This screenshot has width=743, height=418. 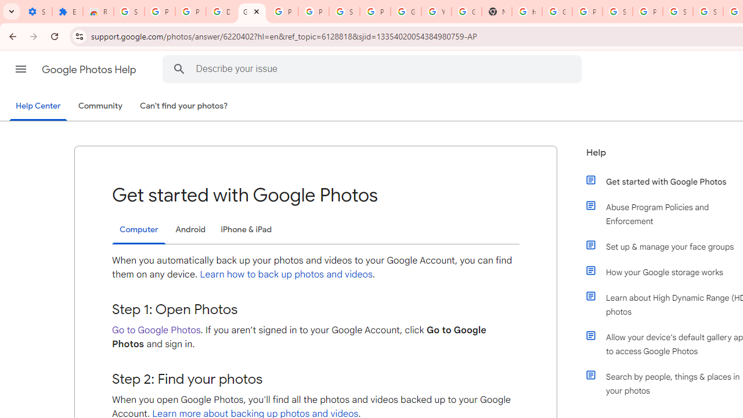 I want to click on 'Can', so click(x=183, y=106).